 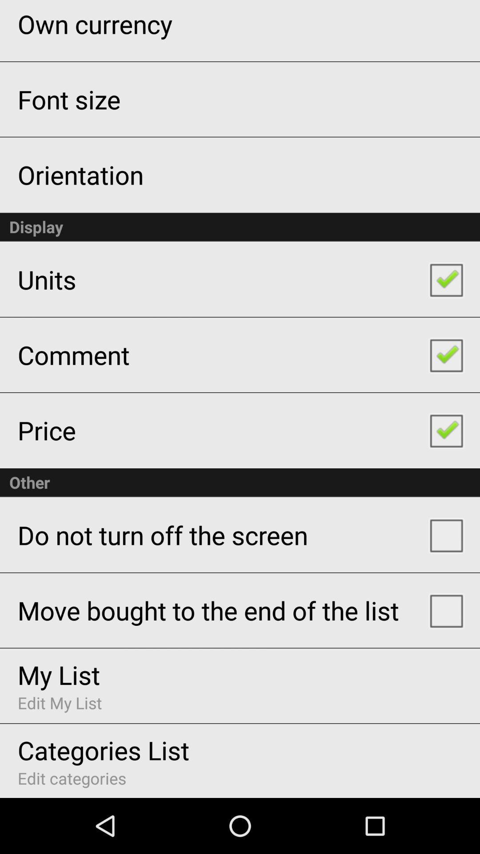 What do you see at coordinates (80, 174) in the screenshot?
I see `orientation app` at bounding box center [80, 174].